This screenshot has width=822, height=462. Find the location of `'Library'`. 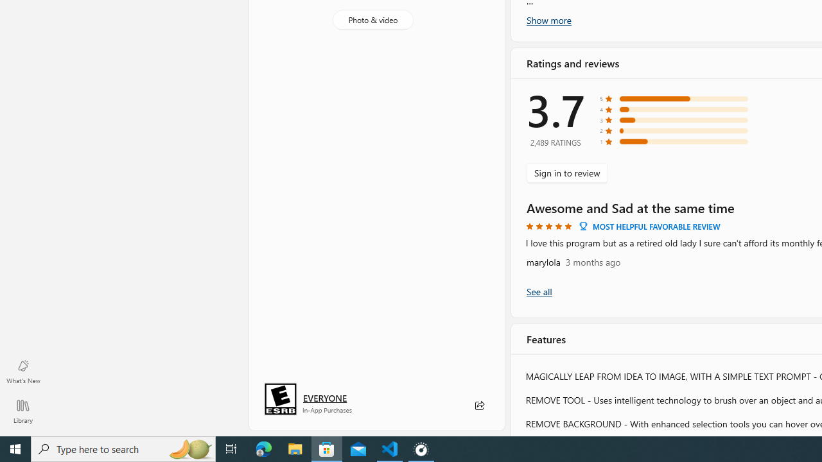

'Library' is located at coordinates (22, 411).